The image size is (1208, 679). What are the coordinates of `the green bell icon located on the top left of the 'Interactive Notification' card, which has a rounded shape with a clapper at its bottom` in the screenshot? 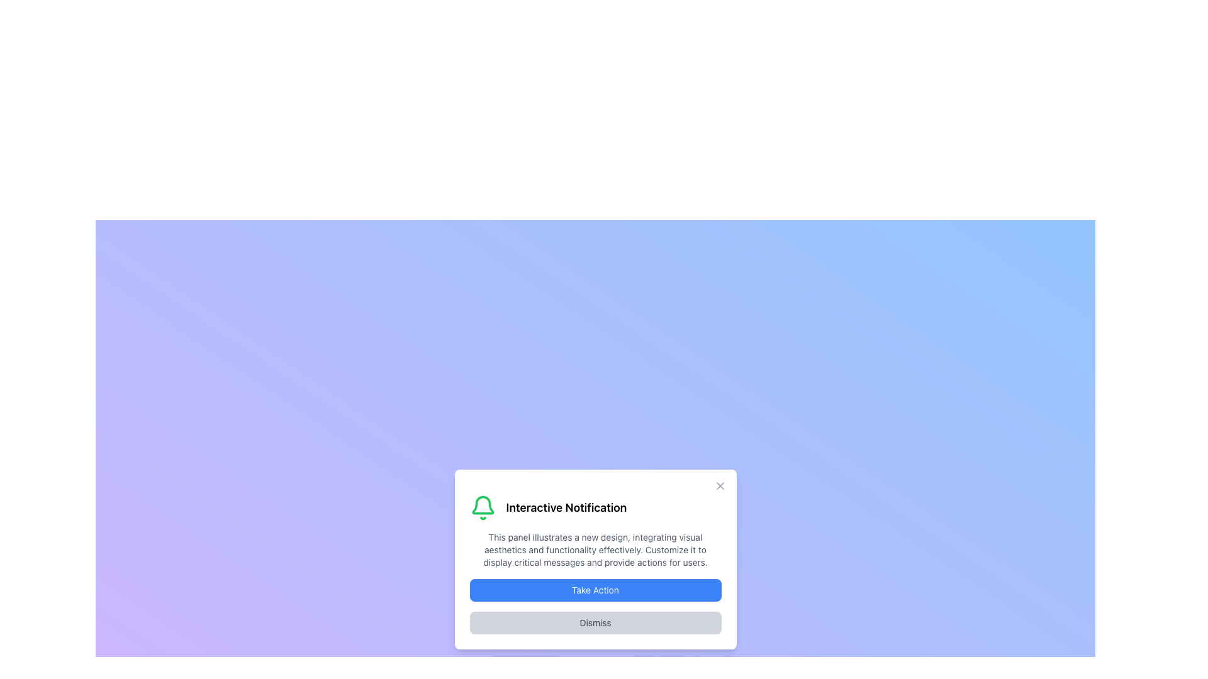 It's located at (482, 507).